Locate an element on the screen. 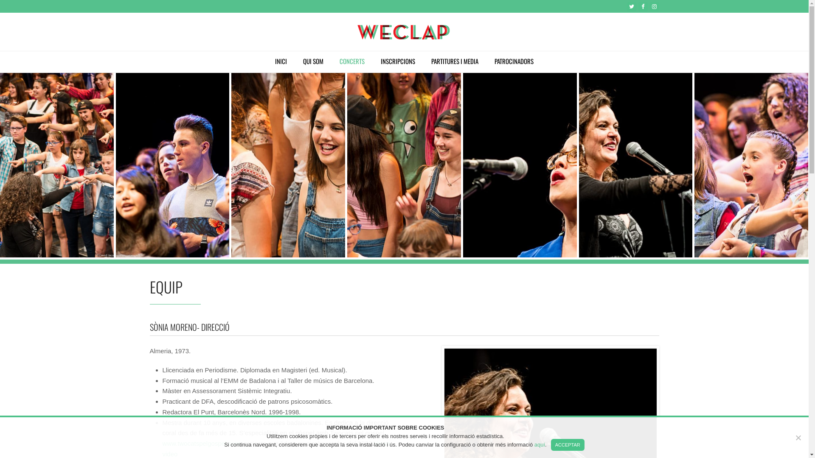 The height and width of the screenshot is (458, 815). 'www.twocatspelgospel.com' is located at coordinates (200, 443).